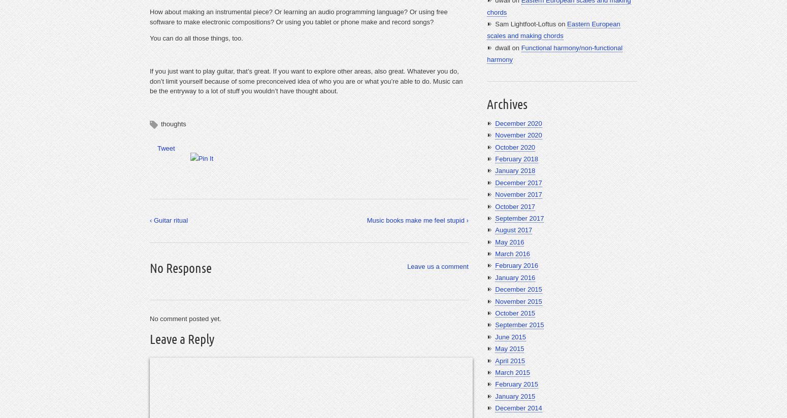  Describe the element at coordinates (494, 135) in the screenshot. I see `'November 2020'` at that location.